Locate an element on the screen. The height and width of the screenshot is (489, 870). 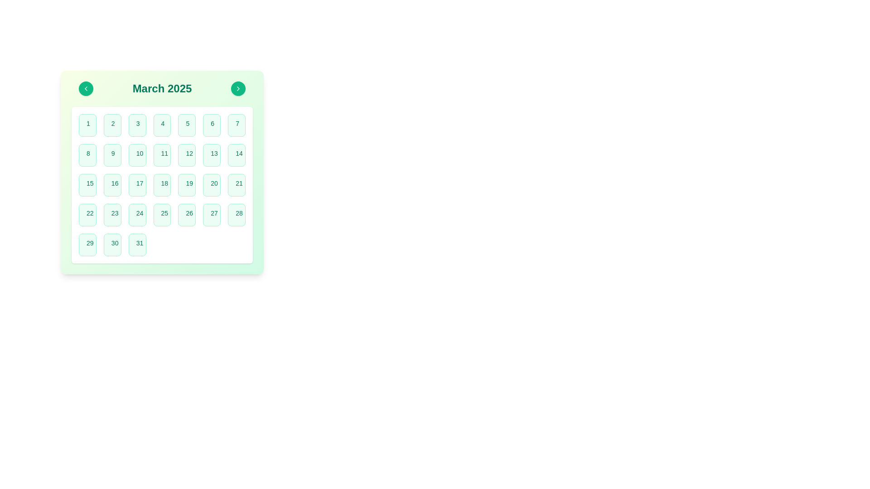
text '25' from the label in the fourth row and fifth column of the calendar grid for March 2025 is located at coordinates (164, 213).